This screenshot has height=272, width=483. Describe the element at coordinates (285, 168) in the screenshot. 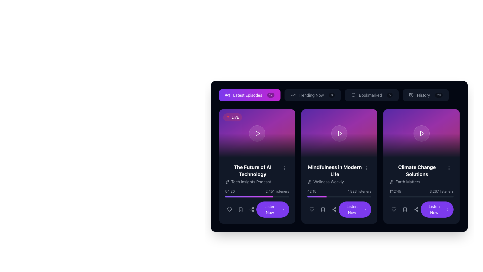

I see `the menu button located at the top-right of the card titled 'The Future of AI Technology'` at that location.